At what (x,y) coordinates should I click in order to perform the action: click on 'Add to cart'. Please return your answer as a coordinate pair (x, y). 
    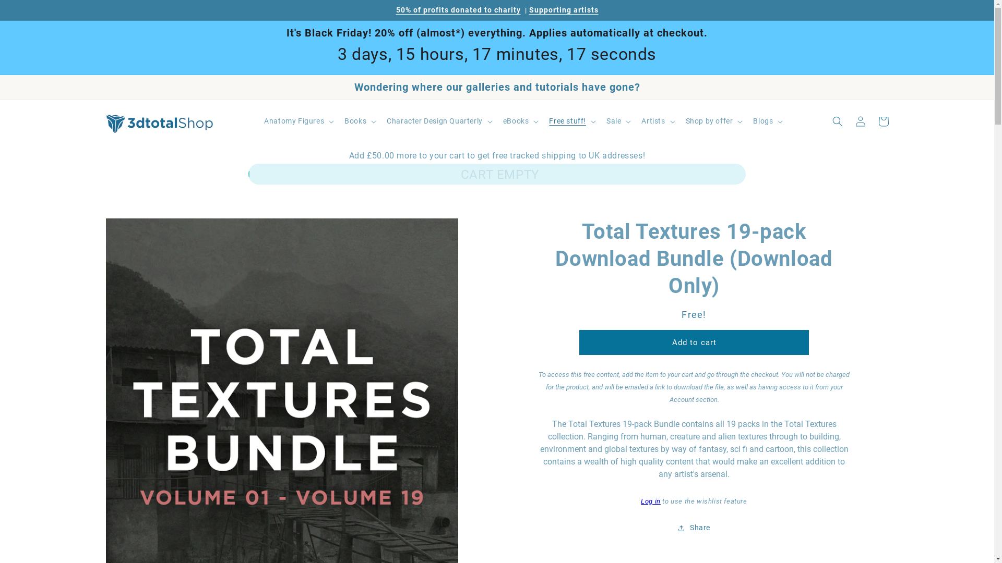
    Looking at the image, I should click on (694, 342).